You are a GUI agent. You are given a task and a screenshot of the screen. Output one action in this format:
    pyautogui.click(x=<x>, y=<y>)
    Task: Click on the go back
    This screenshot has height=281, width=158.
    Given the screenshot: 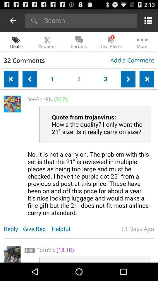 What is the action you would take?
    pyautogui.click(x=13, y=20)
    